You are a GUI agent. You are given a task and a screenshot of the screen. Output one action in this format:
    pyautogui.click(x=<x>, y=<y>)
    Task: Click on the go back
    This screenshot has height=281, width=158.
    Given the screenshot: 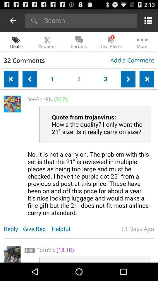 What is the action you would take?
    pyautogui.click(x=13, y=20)
    